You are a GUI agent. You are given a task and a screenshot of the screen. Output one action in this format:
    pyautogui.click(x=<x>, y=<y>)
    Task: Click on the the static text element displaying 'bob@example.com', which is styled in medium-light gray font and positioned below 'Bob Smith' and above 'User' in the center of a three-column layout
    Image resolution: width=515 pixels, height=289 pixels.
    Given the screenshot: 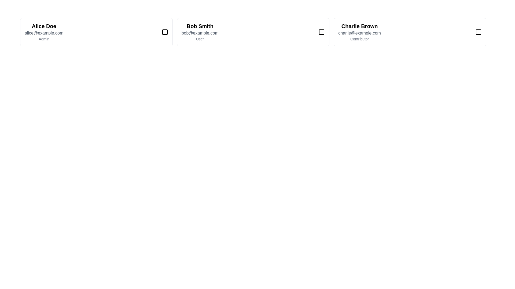 What is the action you would take?
    pyautogui.click(x=200, y=33)
    